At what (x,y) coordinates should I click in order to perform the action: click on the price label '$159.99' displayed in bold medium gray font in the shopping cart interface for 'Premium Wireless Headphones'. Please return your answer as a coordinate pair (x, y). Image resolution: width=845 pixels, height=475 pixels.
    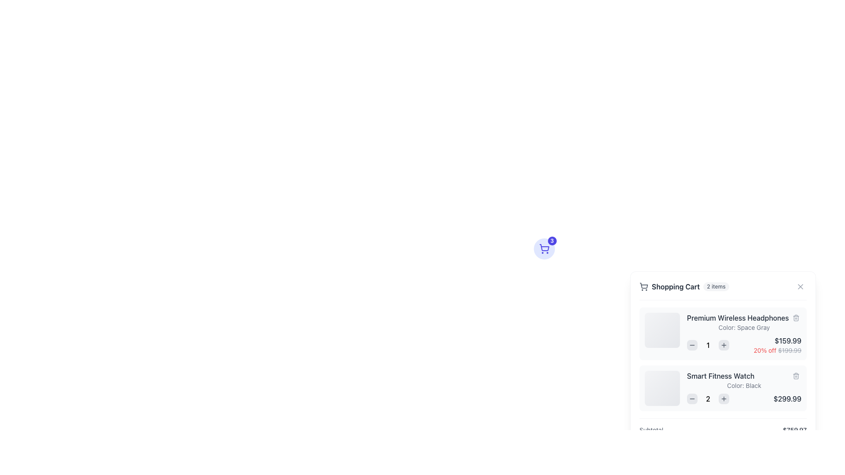
    Looking at the image, I should click on (777, 340).